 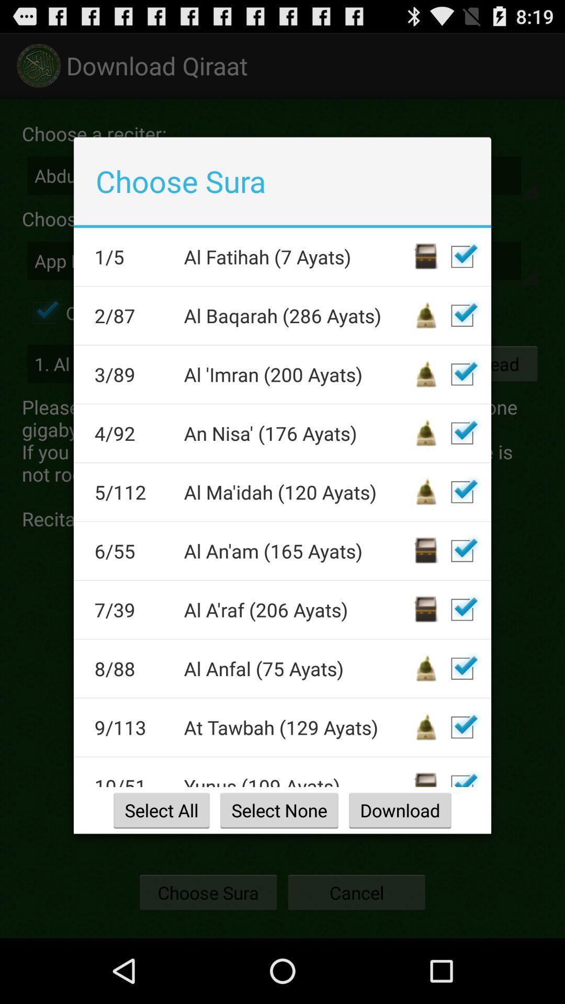 What do you see at coordinates (461, 775) in the screenshot?
I see `autoplay option` at bounding box center [461, 775].